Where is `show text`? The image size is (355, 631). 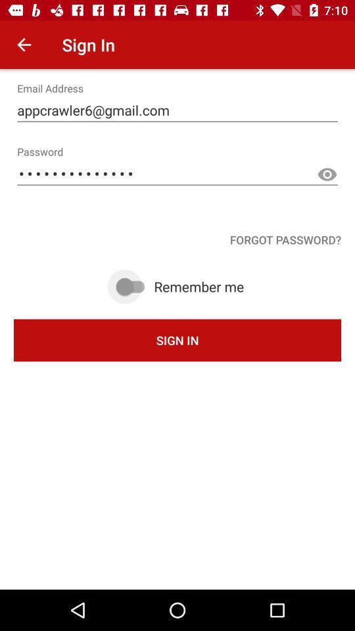
show text is located at coordinates (326, 174).